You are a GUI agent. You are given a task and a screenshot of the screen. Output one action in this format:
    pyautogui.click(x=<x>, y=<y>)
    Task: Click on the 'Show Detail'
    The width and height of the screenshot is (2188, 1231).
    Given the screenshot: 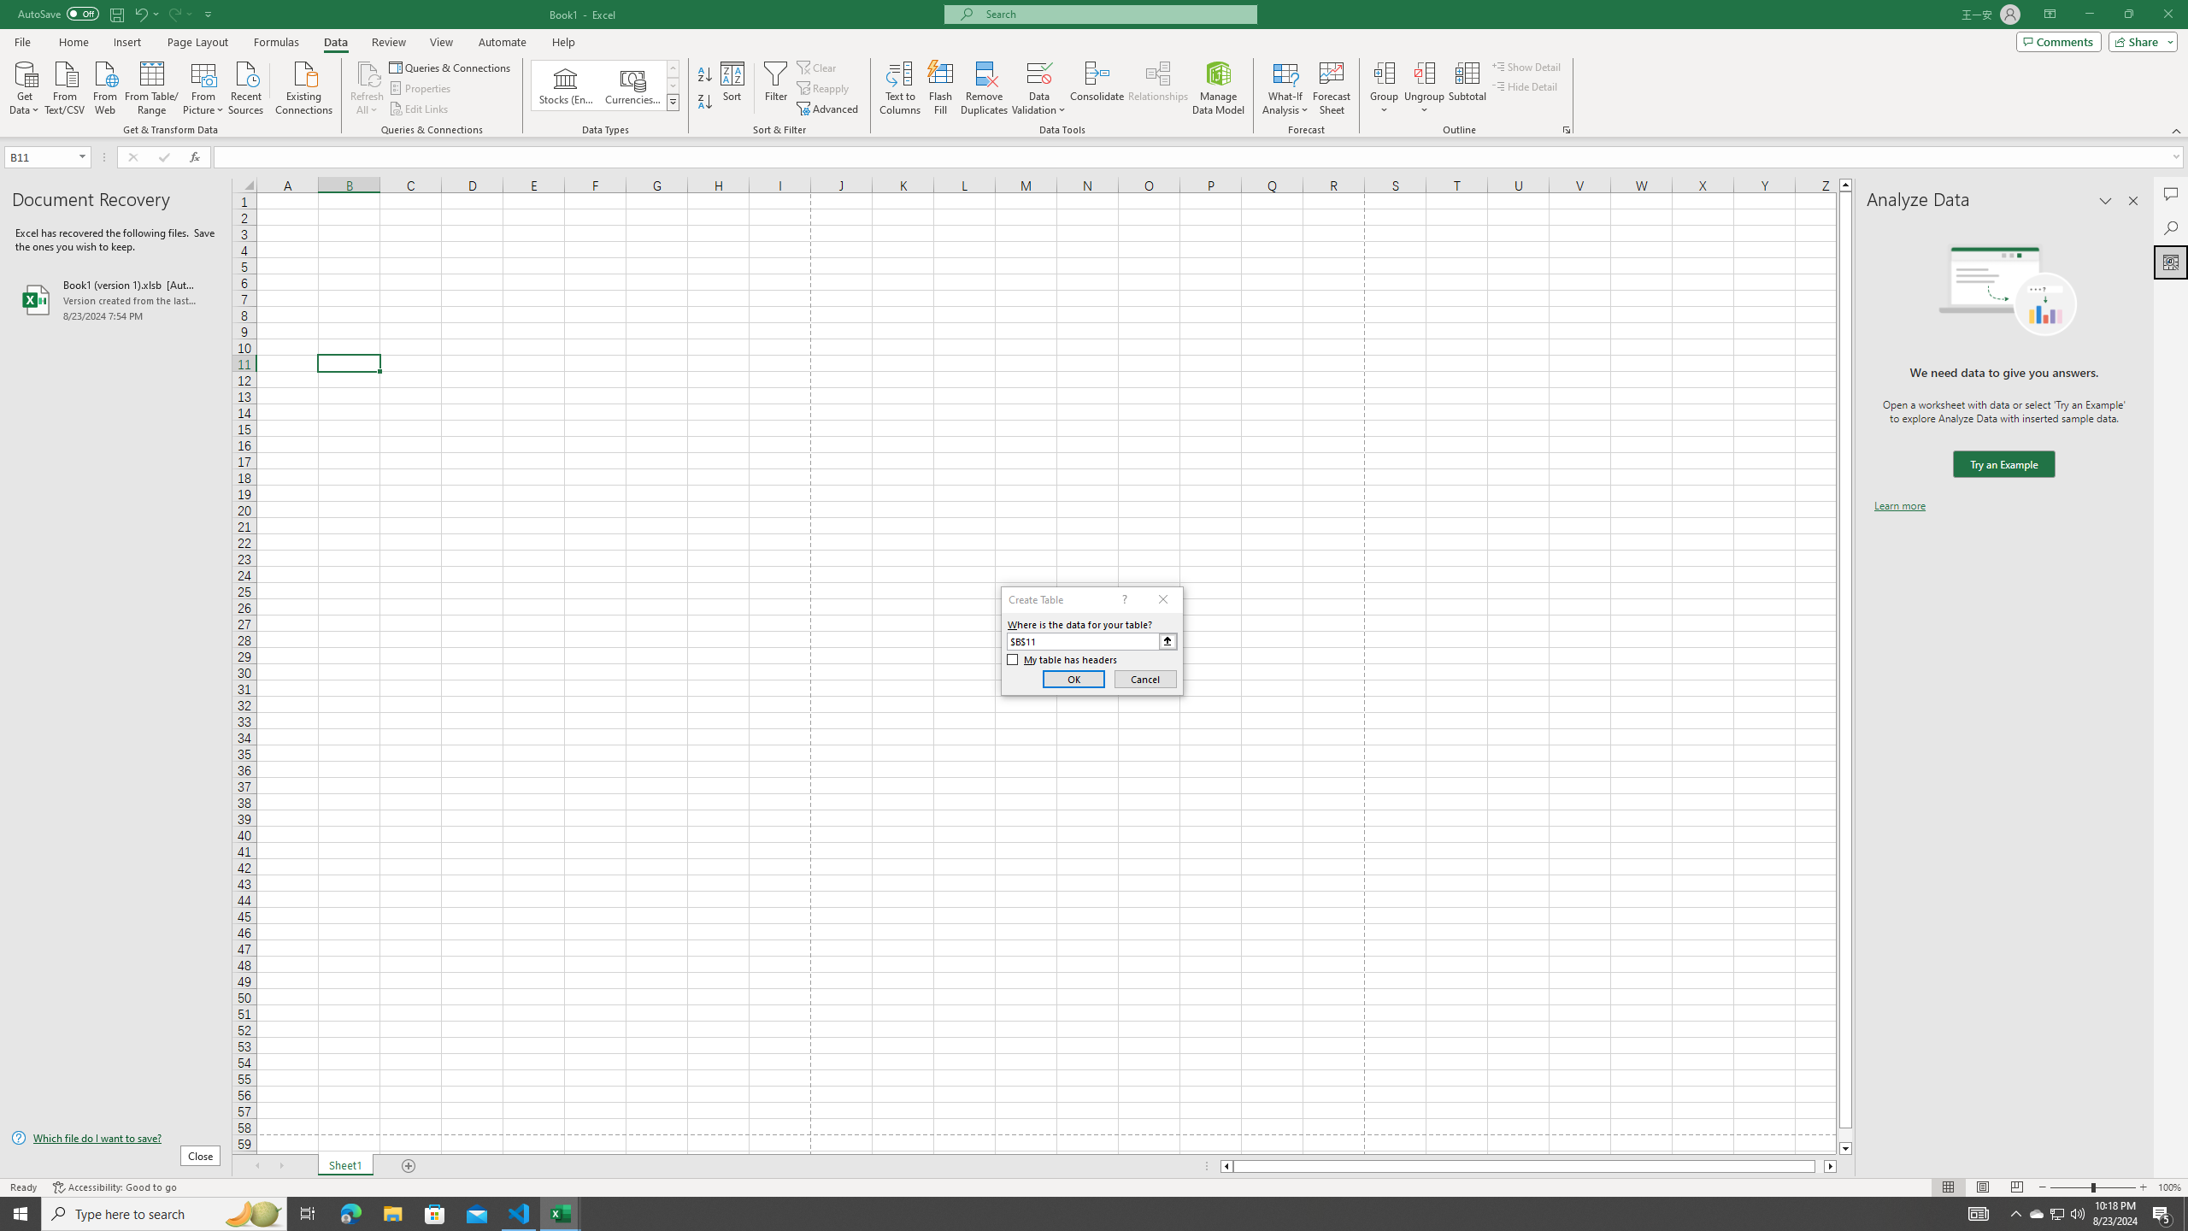 What is the action you would take?
    pyautogui.click(x=1526, y=66)
    